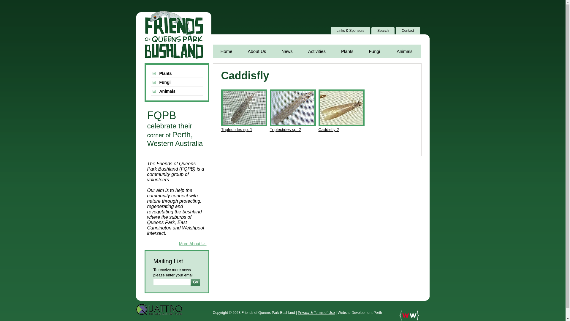  Describe the element at coordinates (287, 51) in the screenshot. I see `'News'` at that location.